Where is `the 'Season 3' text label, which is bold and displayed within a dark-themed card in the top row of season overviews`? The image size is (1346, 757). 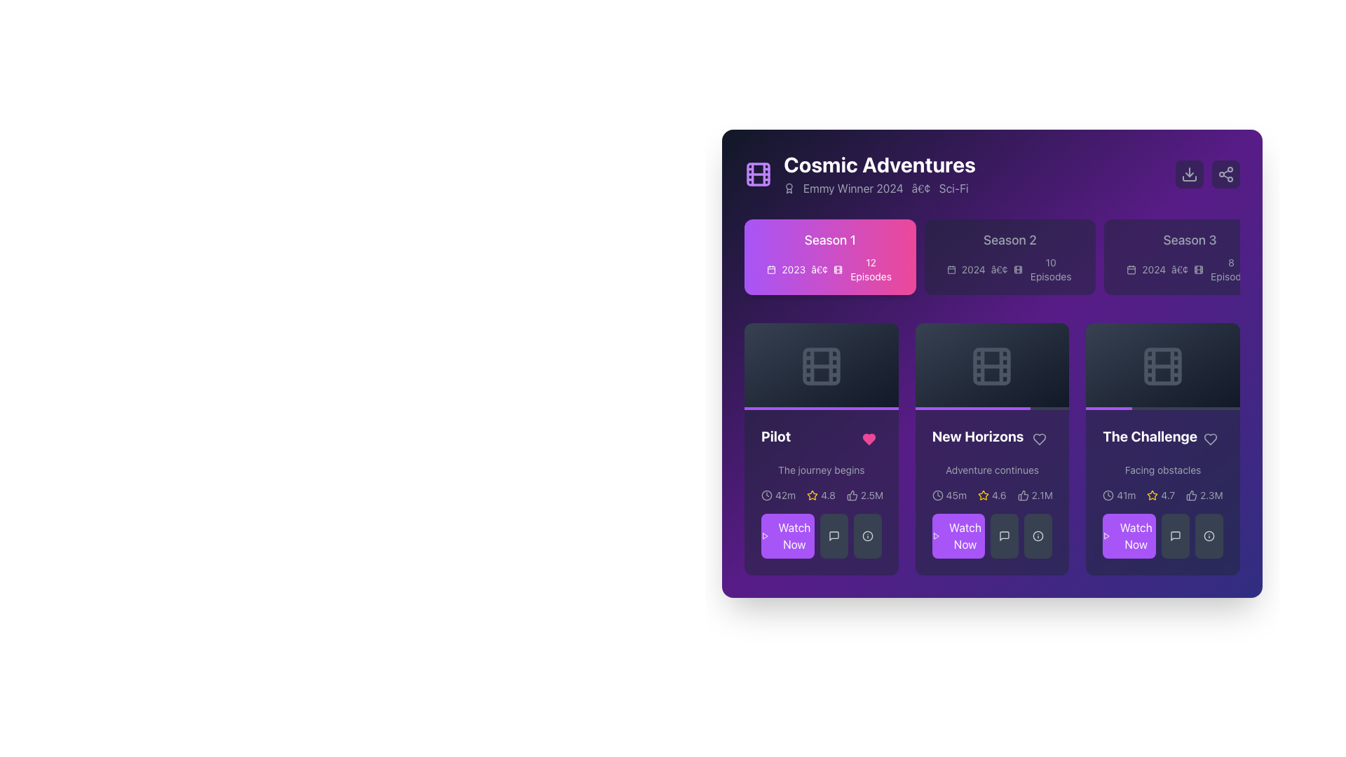 the 'Season 3' text label, which is bold and displayed within a dark-themed card in the top row of season overviews is located at coordinates (1189, 240).